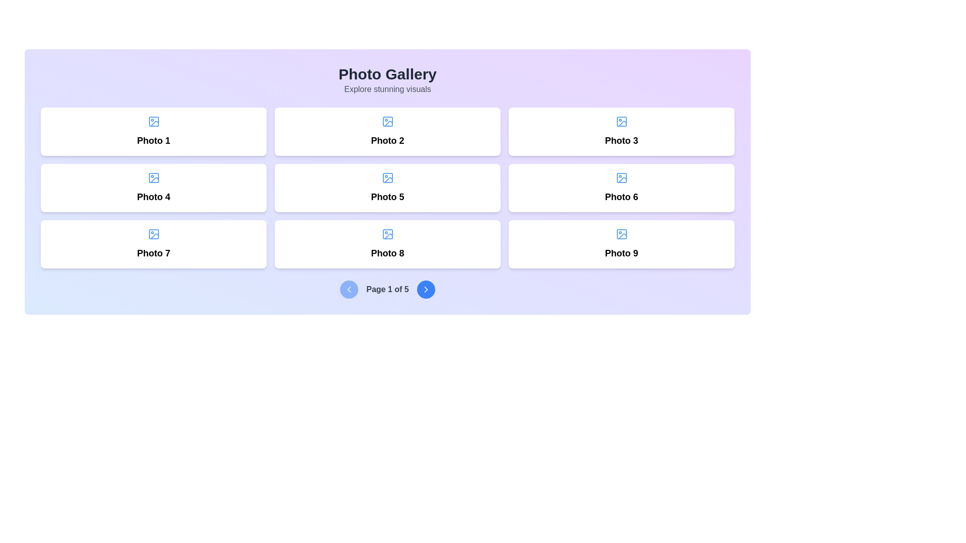 The height and width of the screenshot is (543, 966). What do you see at coordinates (621, 253) in the screenshot?
I see `static text label 'Photo 9' that serves as a title for the corresponding photo card, located in the third row and third column of the grid layout` at bounding box center [621, 253].